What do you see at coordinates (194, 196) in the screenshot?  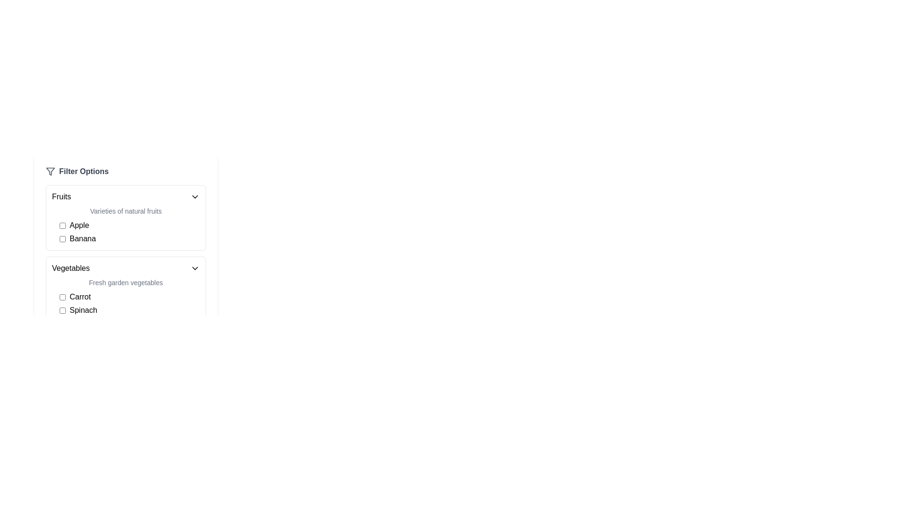 I see `the downward-pointing chevron icon styled as a dropdown toggle next to the title 'Fruits'` at bounding box center [194, 196].